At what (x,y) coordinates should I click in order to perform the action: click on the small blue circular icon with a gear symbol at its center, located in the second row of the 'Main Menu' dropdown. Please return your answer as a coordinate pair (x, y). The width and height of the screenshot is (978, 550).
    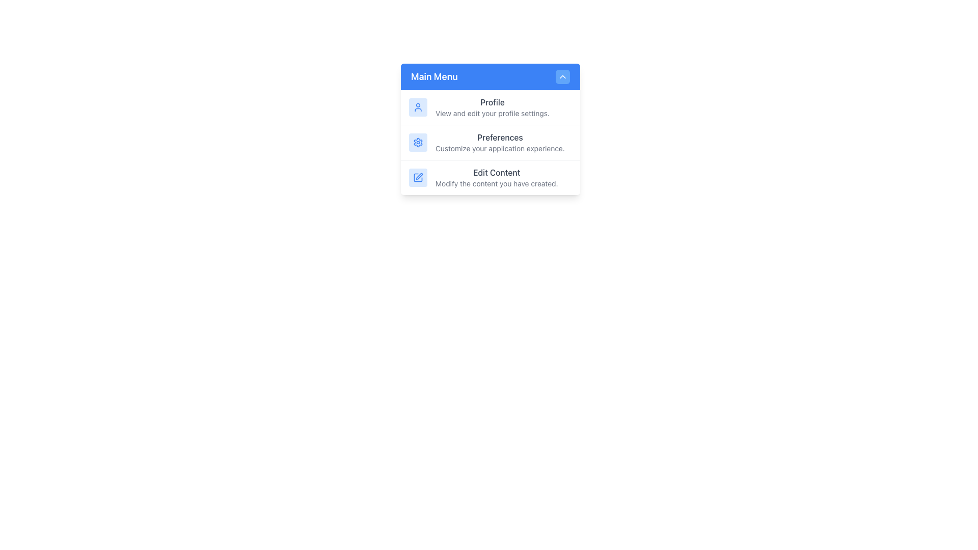
    Looking at the image, I should click on (418, 143).